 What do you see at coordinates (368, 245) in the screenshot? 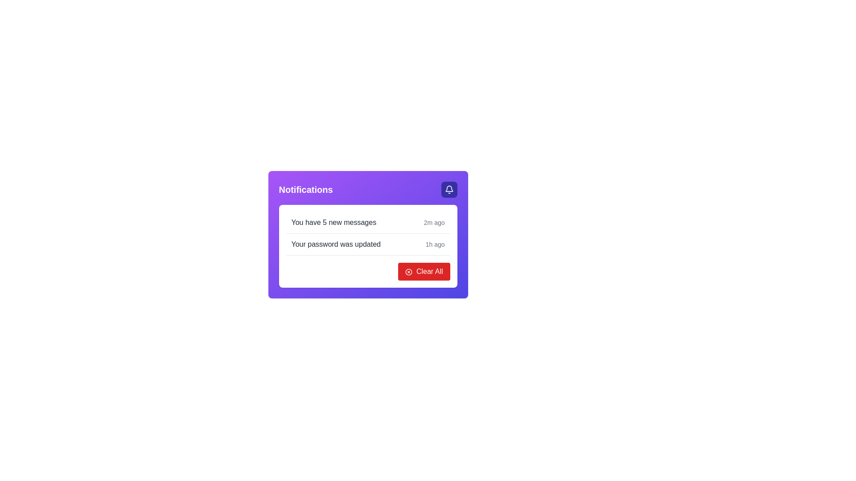
I see `notification details of the second notification item that displays 'Your password was updated' and '1h ago'` at bounding box center [368, 245].